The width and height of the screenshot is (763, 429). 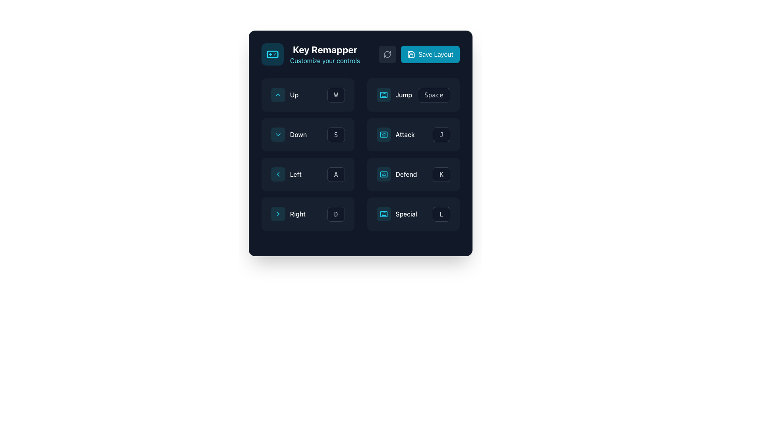 What do you see at coordinates (278, 214) in the screenshot?
I see `the decorative icon indicating functionality related to the 'Right' keybinding, located in the key mapping section next to the 'Right' text` at bounding box center [278, 214].